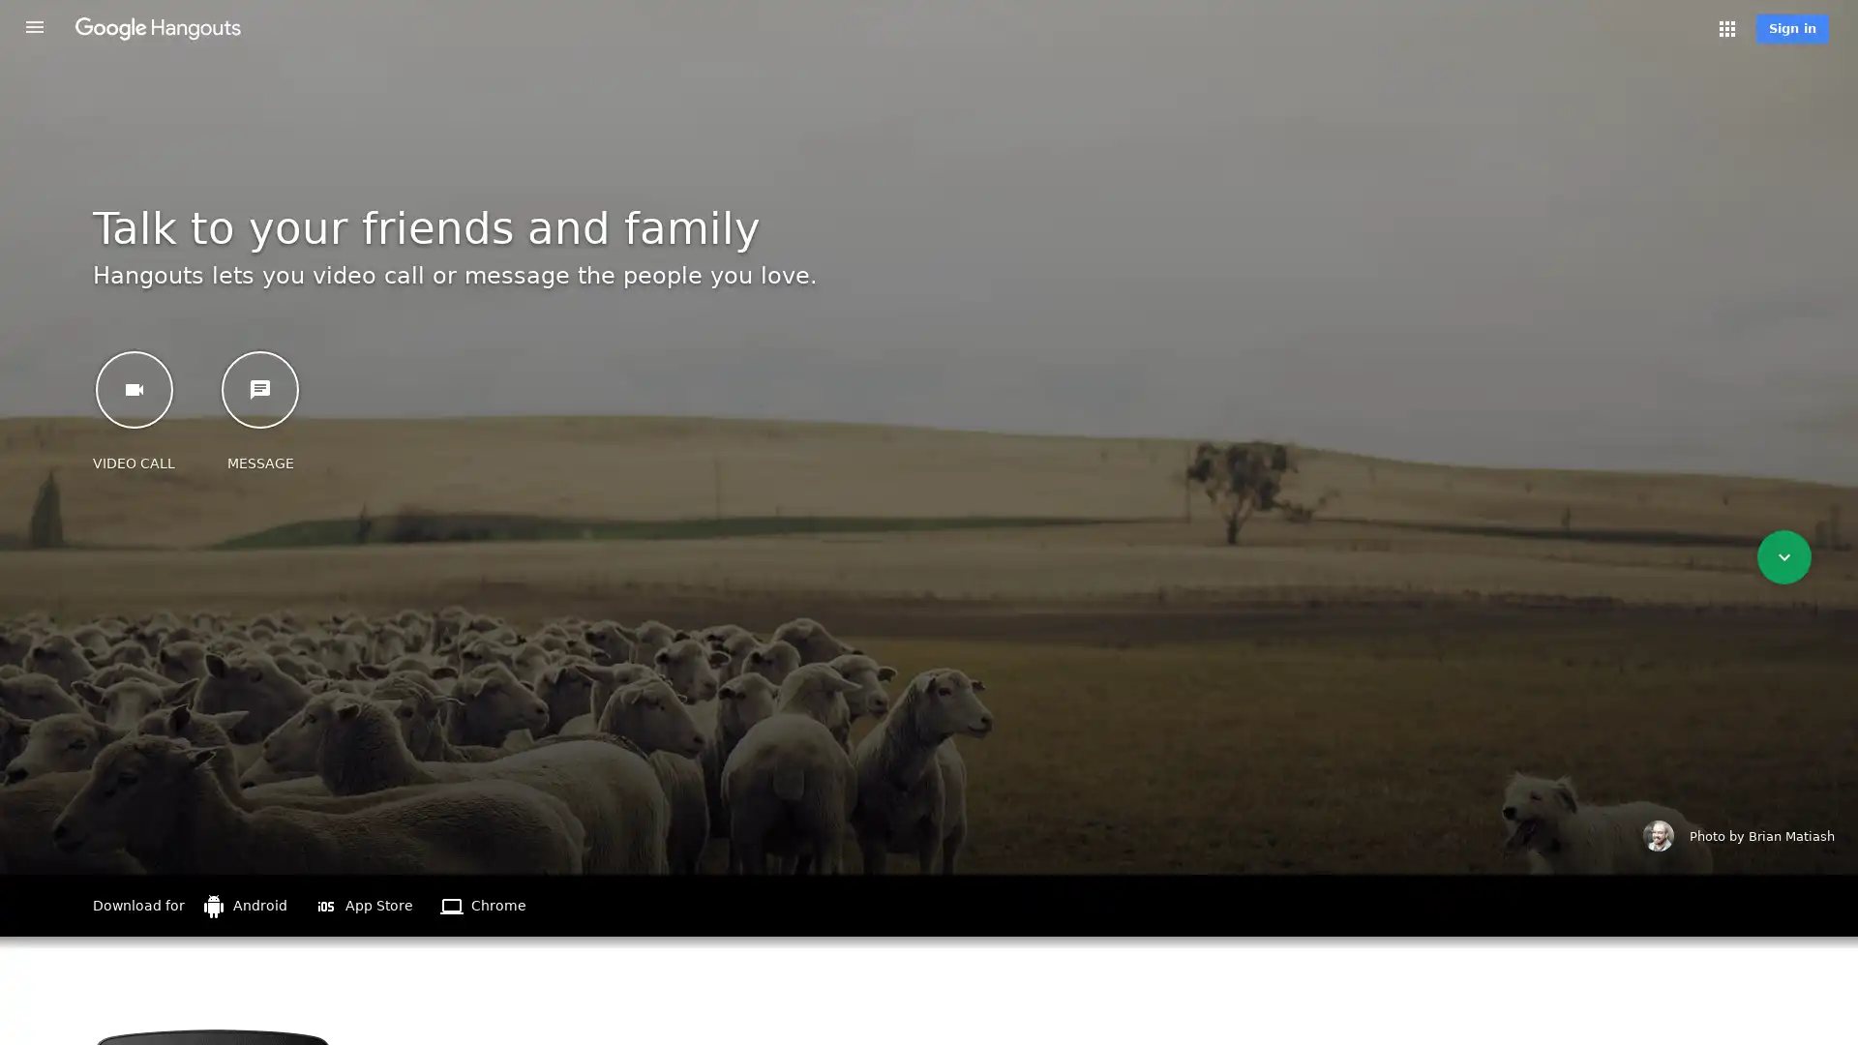  What do you see at coordinates (133, 389) in the screenshot?
I see `Start video call` at bounding box center [133, 389].